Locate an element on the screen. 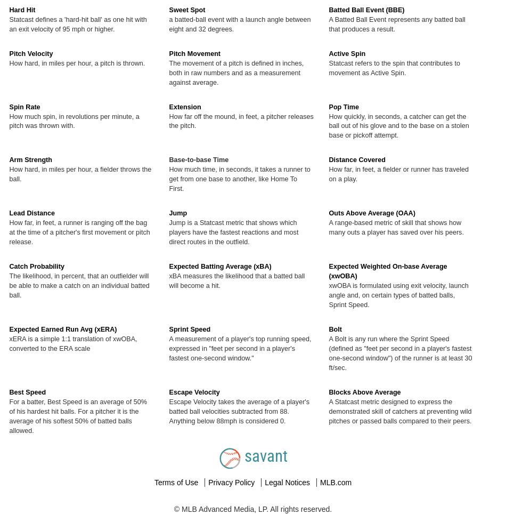  'A Statcast metric designed to express the demonstrated skill of catchers at preventing wild pitches or passed balls compared to their peers.' is located at coordinates (399, 411).